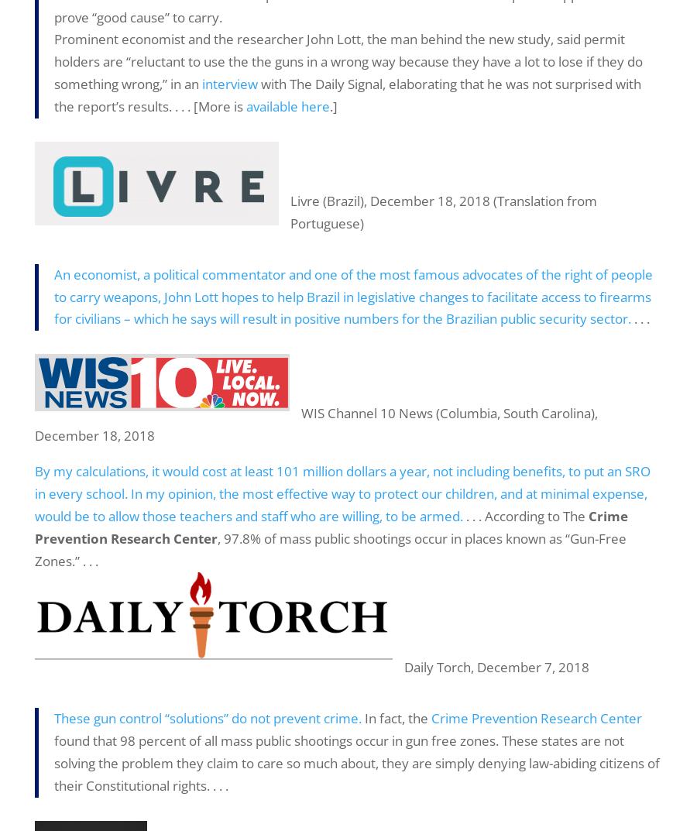 The height and width of the screenshot is (831, 697). What do you see at coordinates (334, 105) in the screenshot?
I see `'.]'` at bounding box center [334, 105].